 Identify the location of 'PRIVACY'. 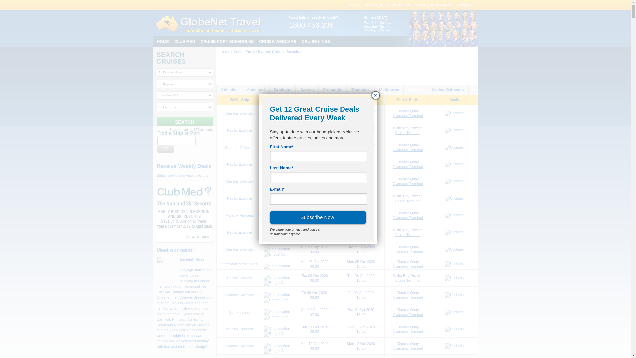
(464, 5).